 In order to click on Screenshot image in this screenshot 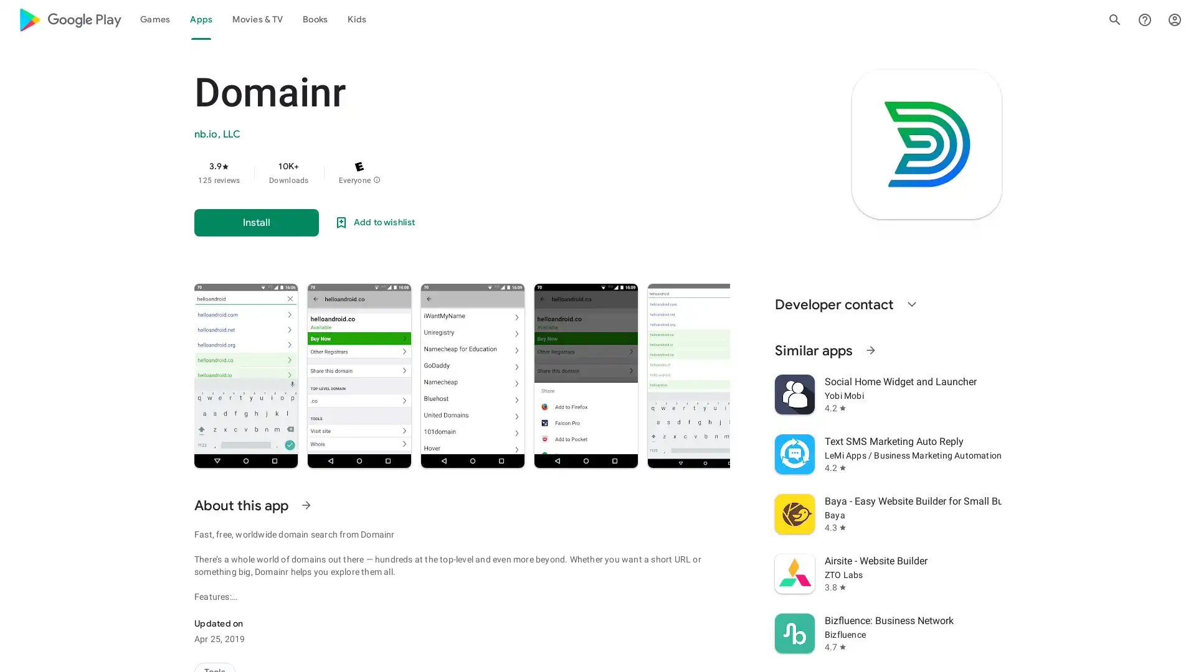, I will do `click(955, 375)`.